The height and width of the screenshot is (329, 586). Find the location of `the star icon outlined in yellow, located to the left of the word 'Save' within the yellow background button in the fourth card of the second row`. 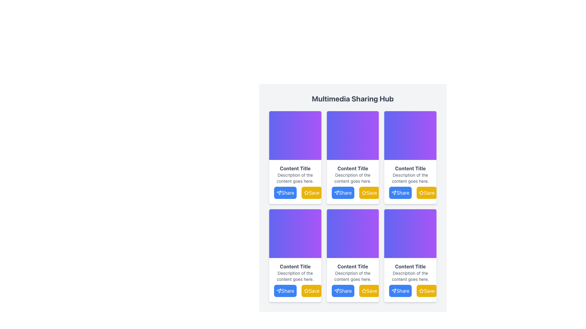

the star icon outlined in yellow, located to the left of the word 'Save' within the yellow background button in the fourth card of the second row is located at coordinates (421, 291).